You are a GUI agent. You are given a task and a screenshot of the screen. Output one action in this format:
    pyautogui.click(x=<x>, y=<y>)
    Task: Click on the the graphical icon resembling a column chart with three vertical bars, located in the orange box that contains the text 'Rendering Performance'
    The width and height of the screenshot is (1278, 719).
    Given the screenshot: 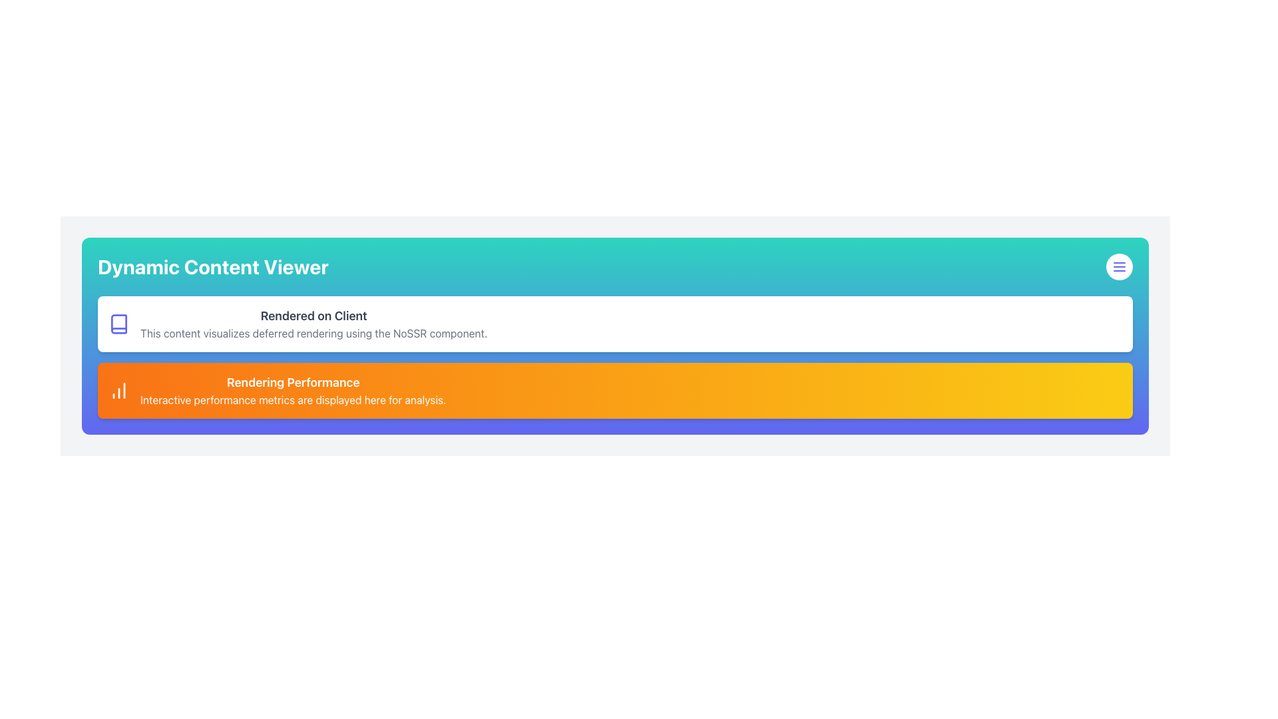 What is the action you would take?
    pyautogui.click(x=118, y=389)
    